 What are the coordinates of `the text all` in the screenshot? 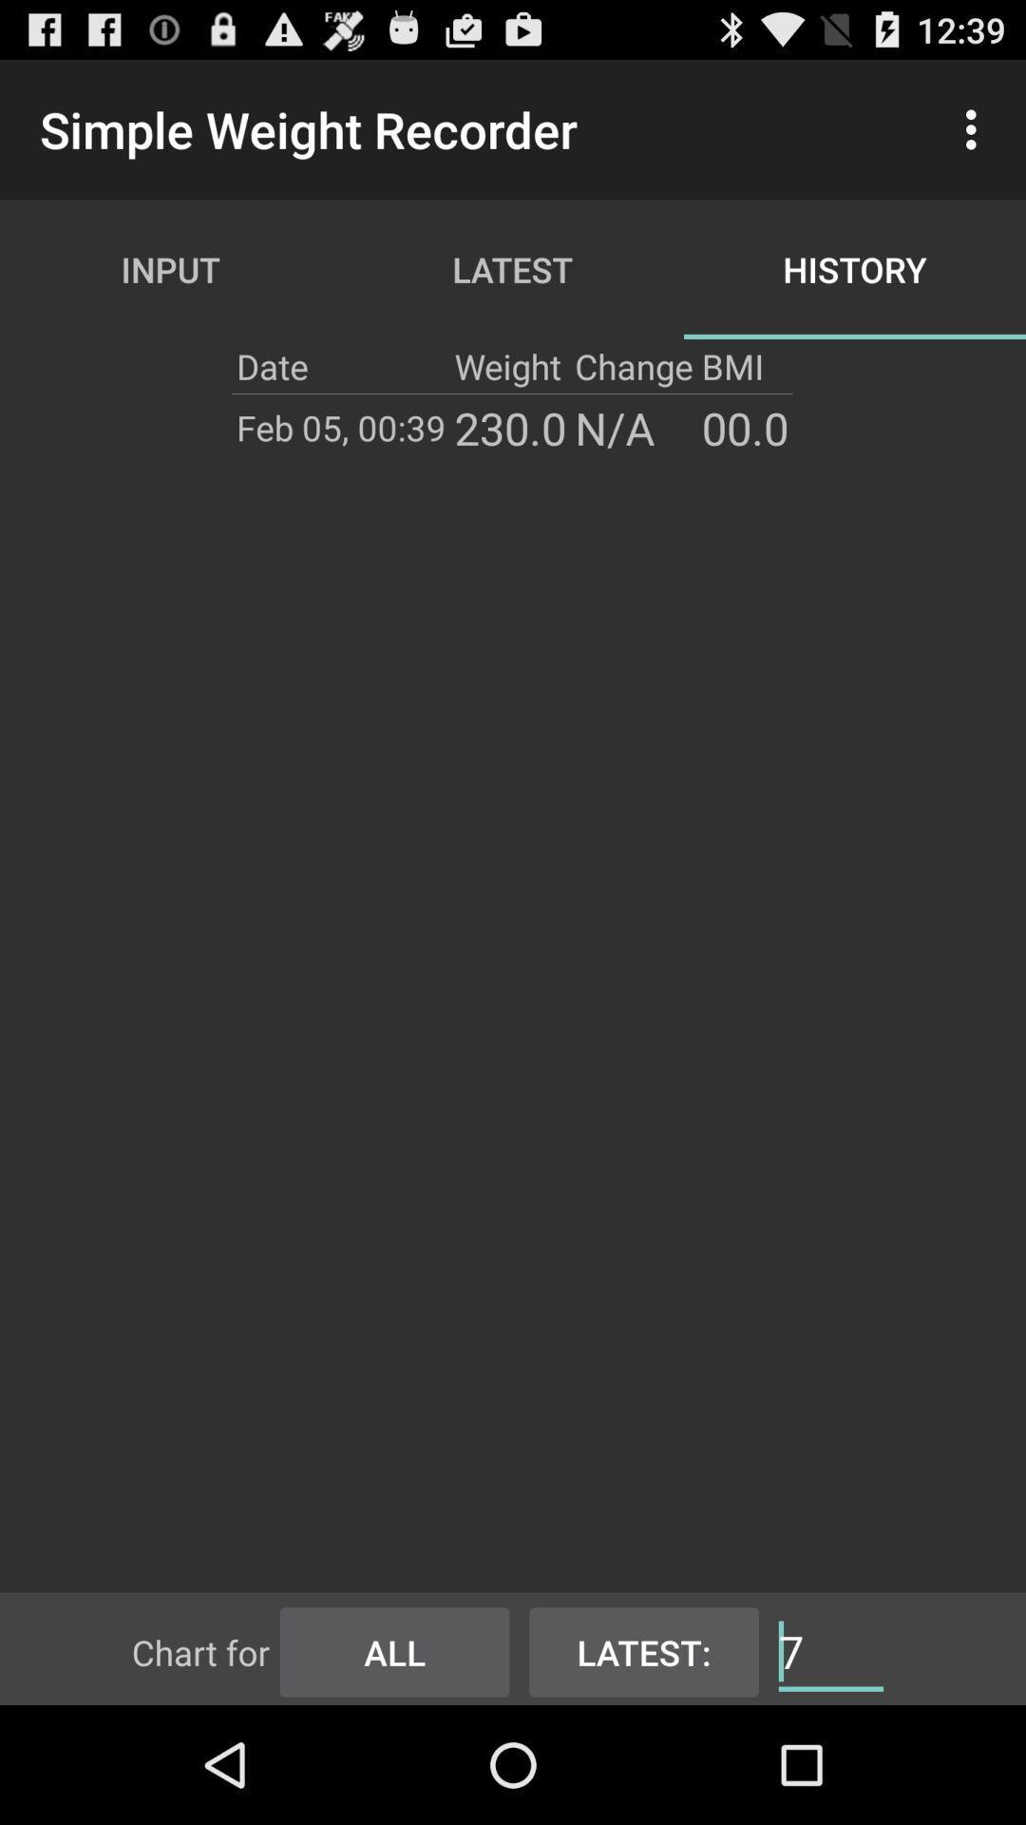 It's located at (393, 1647).